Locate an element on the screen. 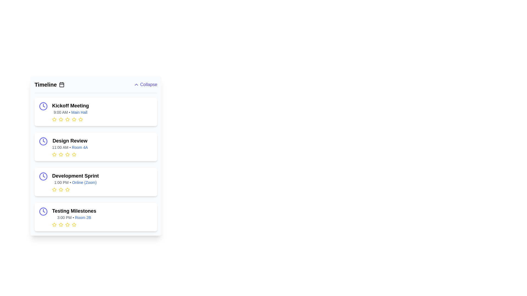  the time indication by focusing on the clock hands within the clock icon located at the left side of the 'Kickoff Meeting' event item is located at coordinates (44, 140).